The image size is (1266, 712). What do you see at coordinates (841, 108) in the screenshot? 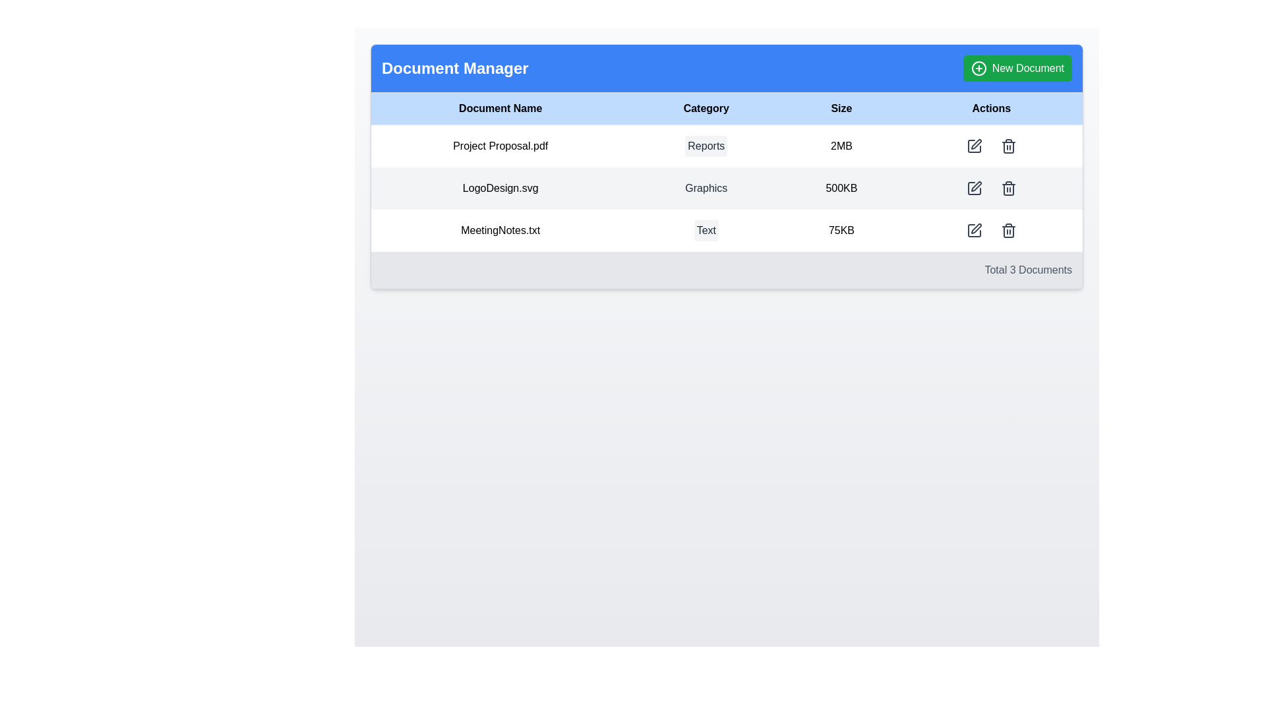
I see `the 'Size' text label, which is a bold black text on a light blue background, centrally aligned in the header row of a table, located between 'Category' and 'Actions'` at bounding box center [841, 108].